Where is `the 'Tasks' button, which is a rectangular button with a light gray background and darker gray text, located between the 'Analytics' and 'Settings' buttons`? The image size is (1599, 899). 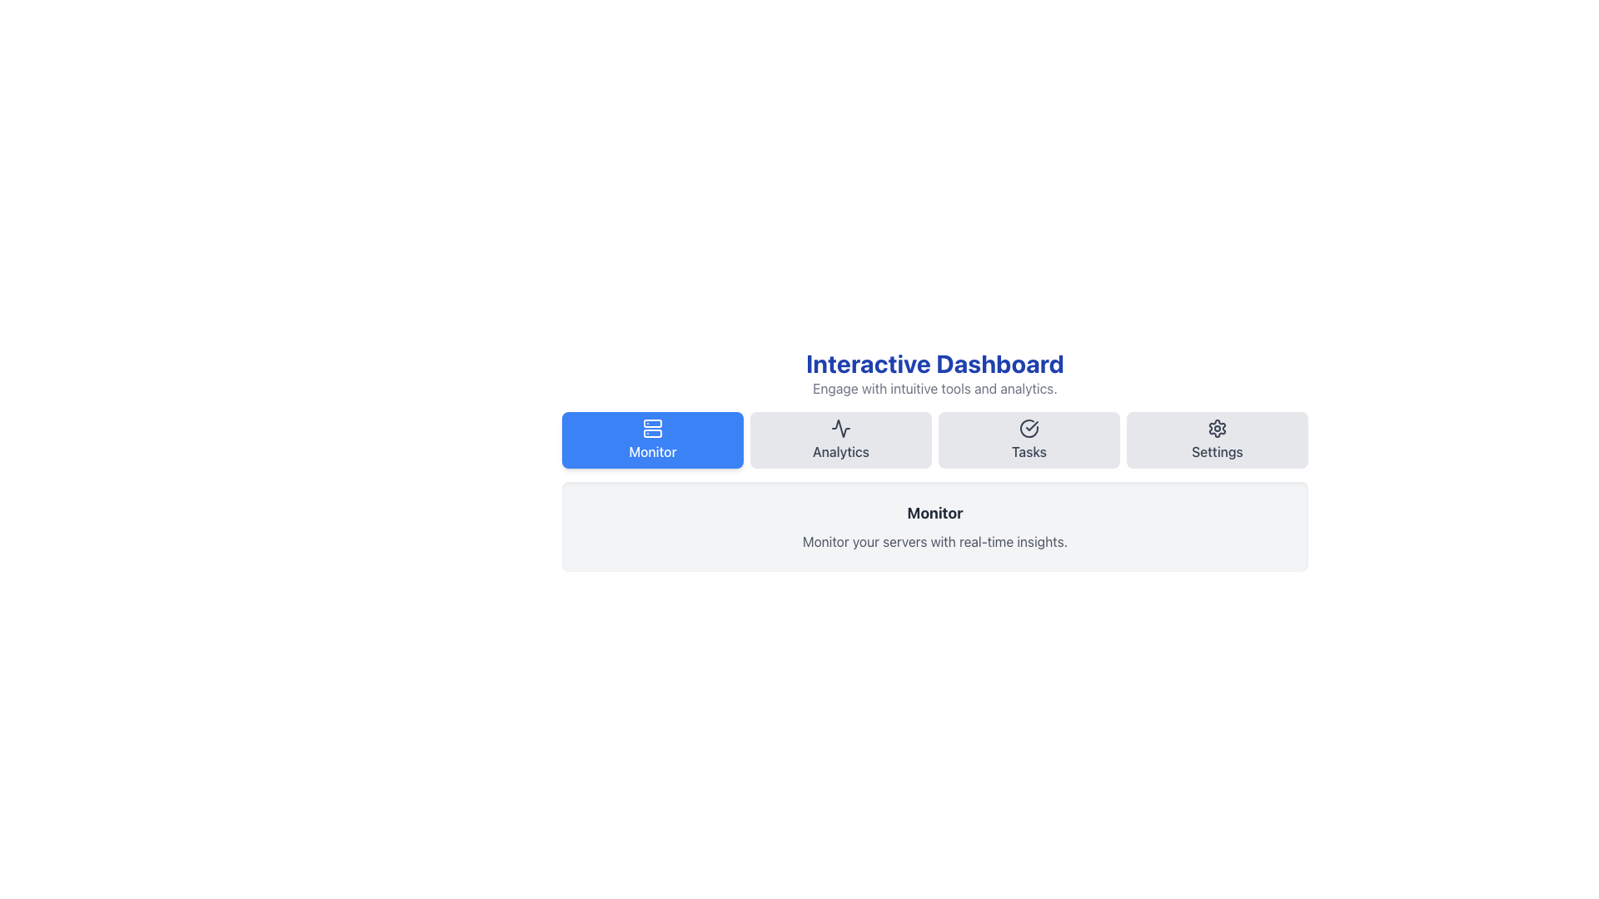
the 'Tasks' button, which is a rectangular button with a light gray background and darker gray text, located between the 'Analytics' and 'Settings' buttons is located at coordinates (1029, 439).